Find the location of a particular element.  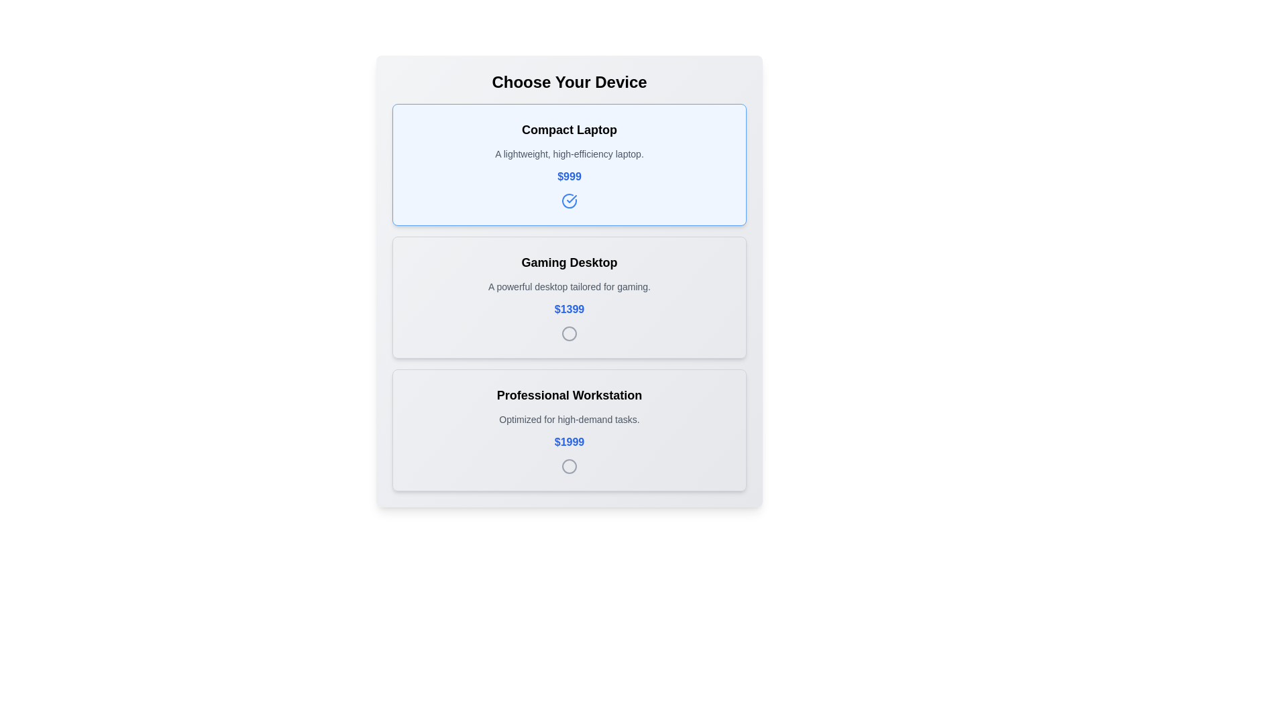

the static text that reads 'Optimized for high-demand tasks.' which is located below the title 'Professional Workstation' and above the price '$1999.' is located at coordinates (570, 418).